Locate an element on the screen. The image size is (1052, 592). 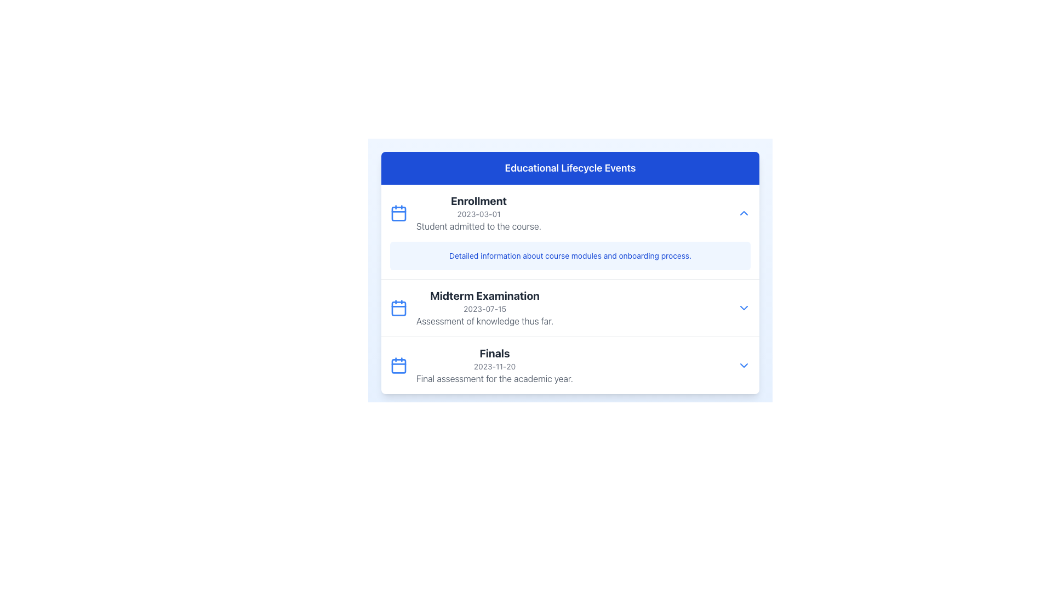
the calendar icon, which is a blue SVG graphic with rounded corners located to the left of the 'Midterm Examination' text is located at coordinates (398, 308).